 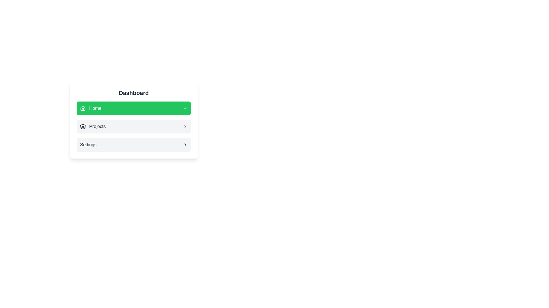 I want to click on the 'Projects' button in the menu, so click(x=133, y=126).